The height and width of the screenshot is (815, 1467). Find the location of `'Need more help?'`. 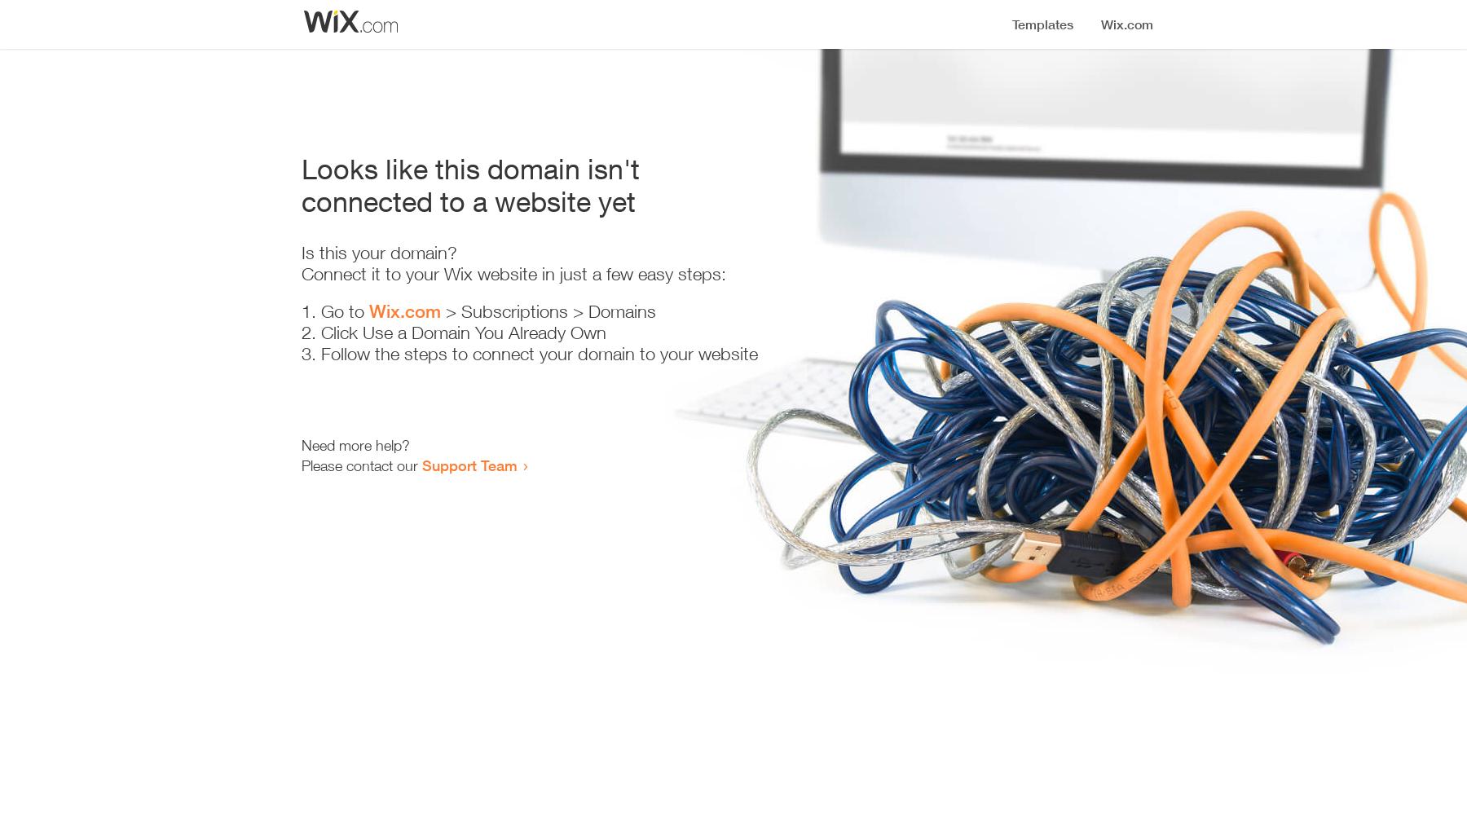

'Need more help?' is located at coordinates (355, 445).